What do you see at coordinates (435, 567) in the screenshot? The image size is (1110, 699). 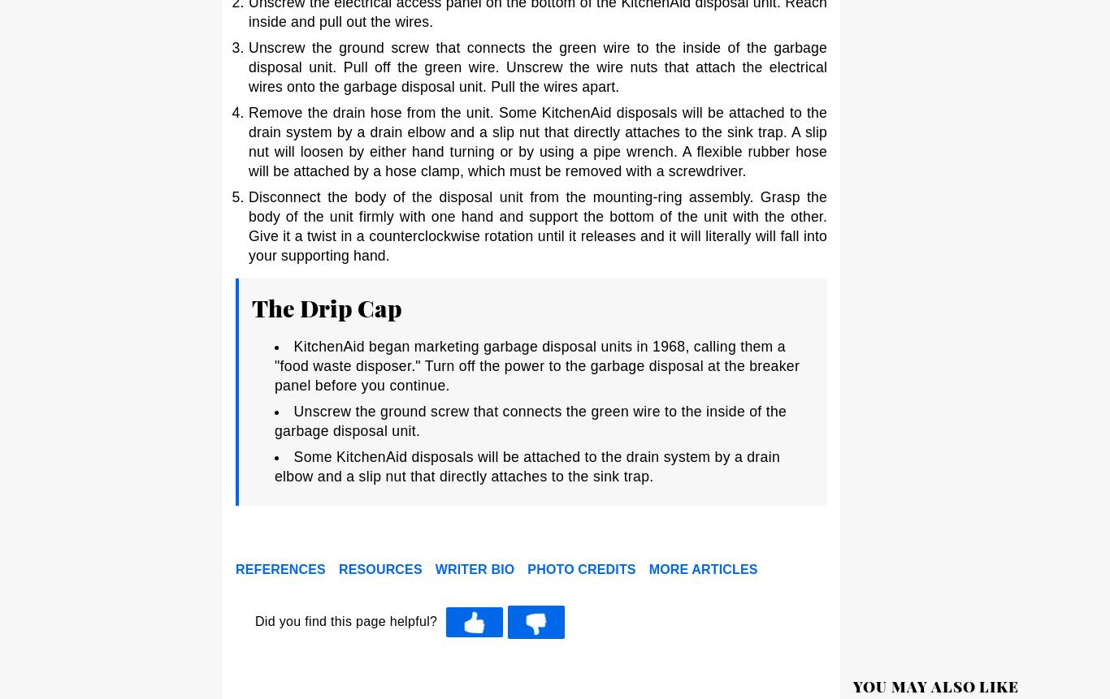 I see `'Writer Bio'` at bounding box center [435, 567].